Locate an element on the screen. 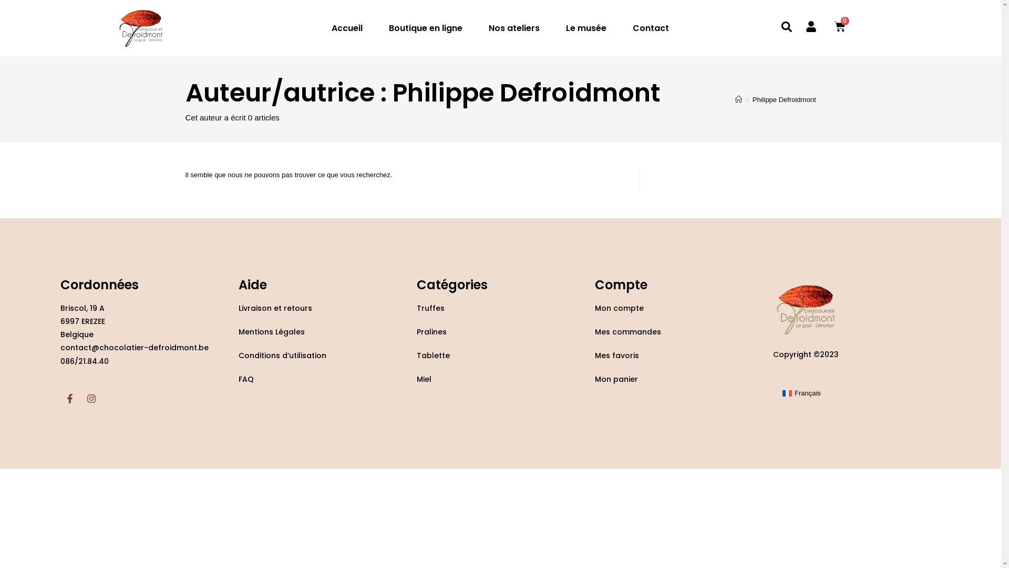 This screenshot has width=1009, height=568. 'Mes commandes' is located at coordinates (628, 332).